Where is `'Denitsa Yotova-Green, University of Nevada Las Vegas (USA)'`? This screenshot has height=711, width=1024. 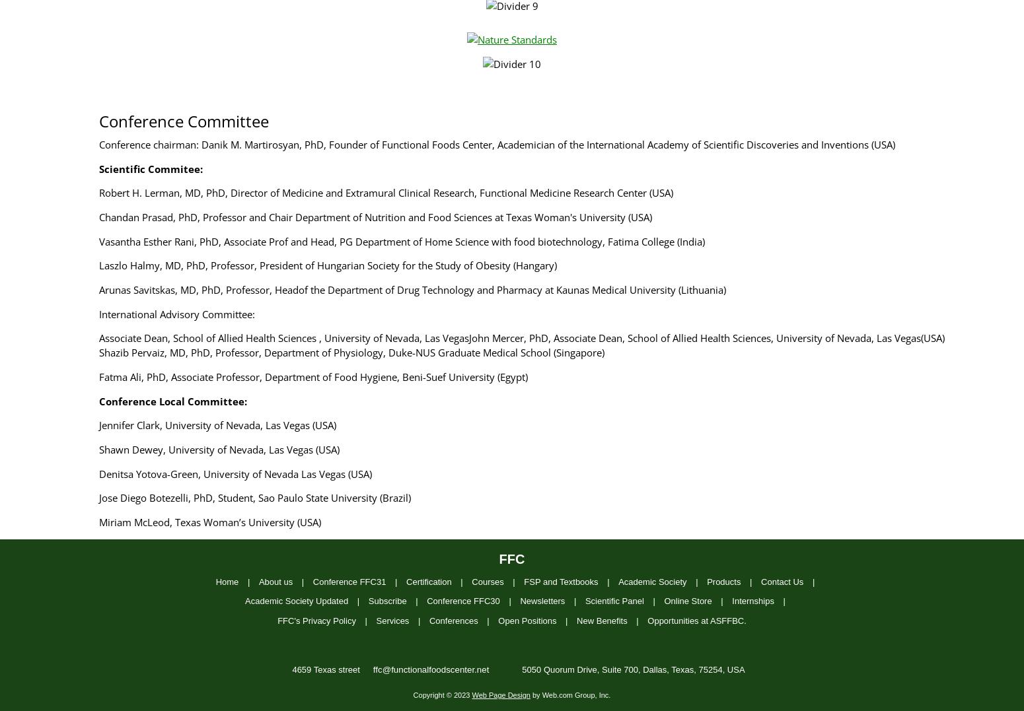 'Denitsa Yotova-Green, University of Nevada Las Vegas (USA)' is located at coordinates (99, 473).